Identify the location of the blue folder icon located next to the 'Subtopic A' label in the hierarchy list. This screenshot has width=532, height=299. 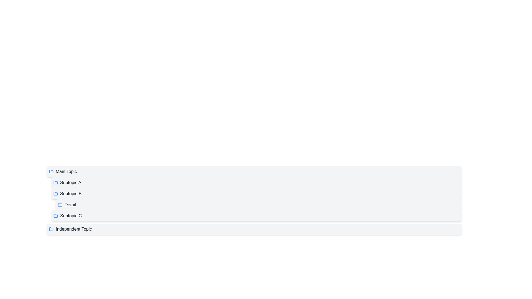
(56, 182).